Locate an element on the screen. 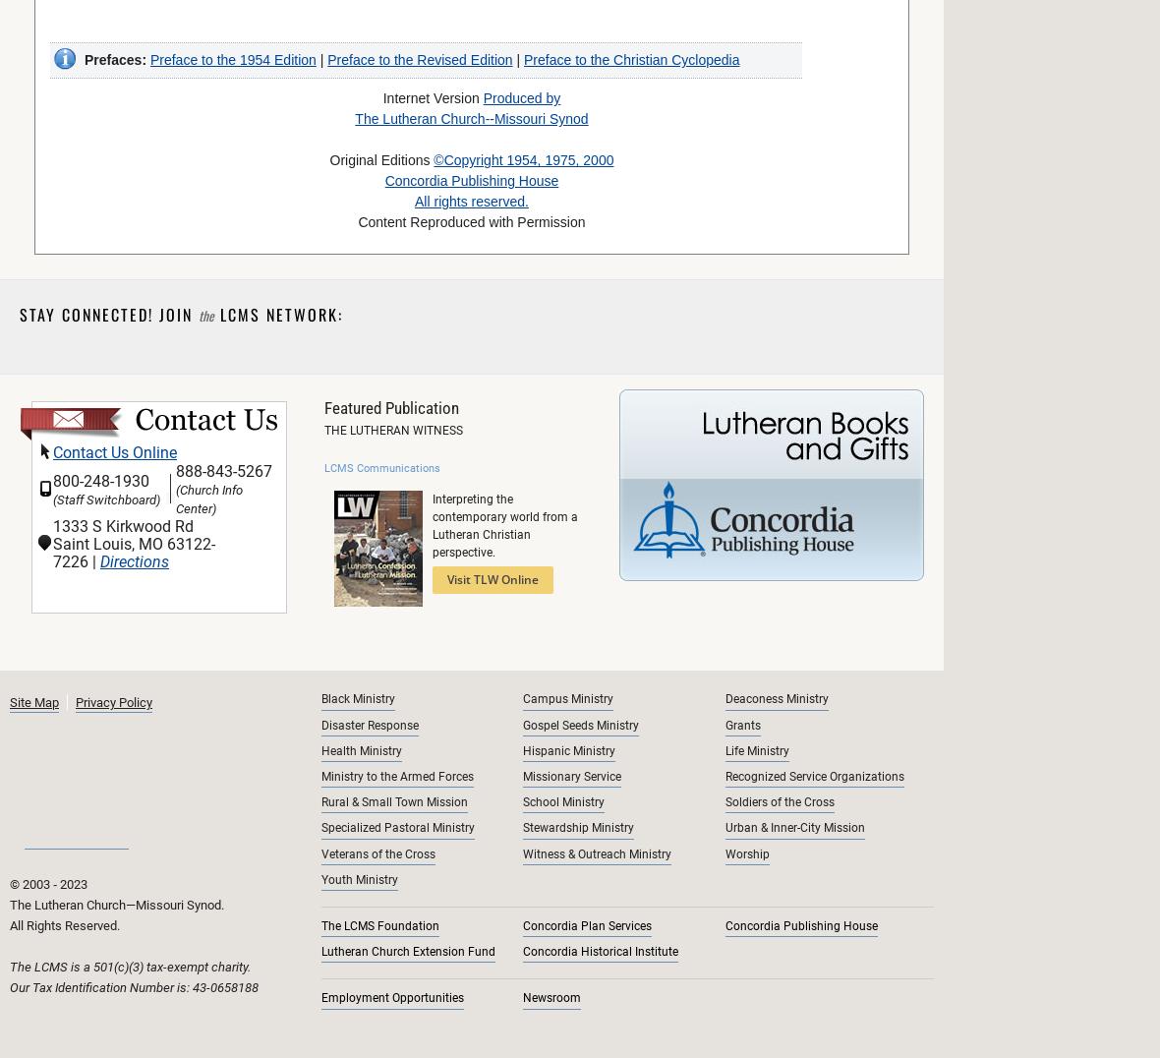  '888-843-5267' is located at coordinates (223, 470).